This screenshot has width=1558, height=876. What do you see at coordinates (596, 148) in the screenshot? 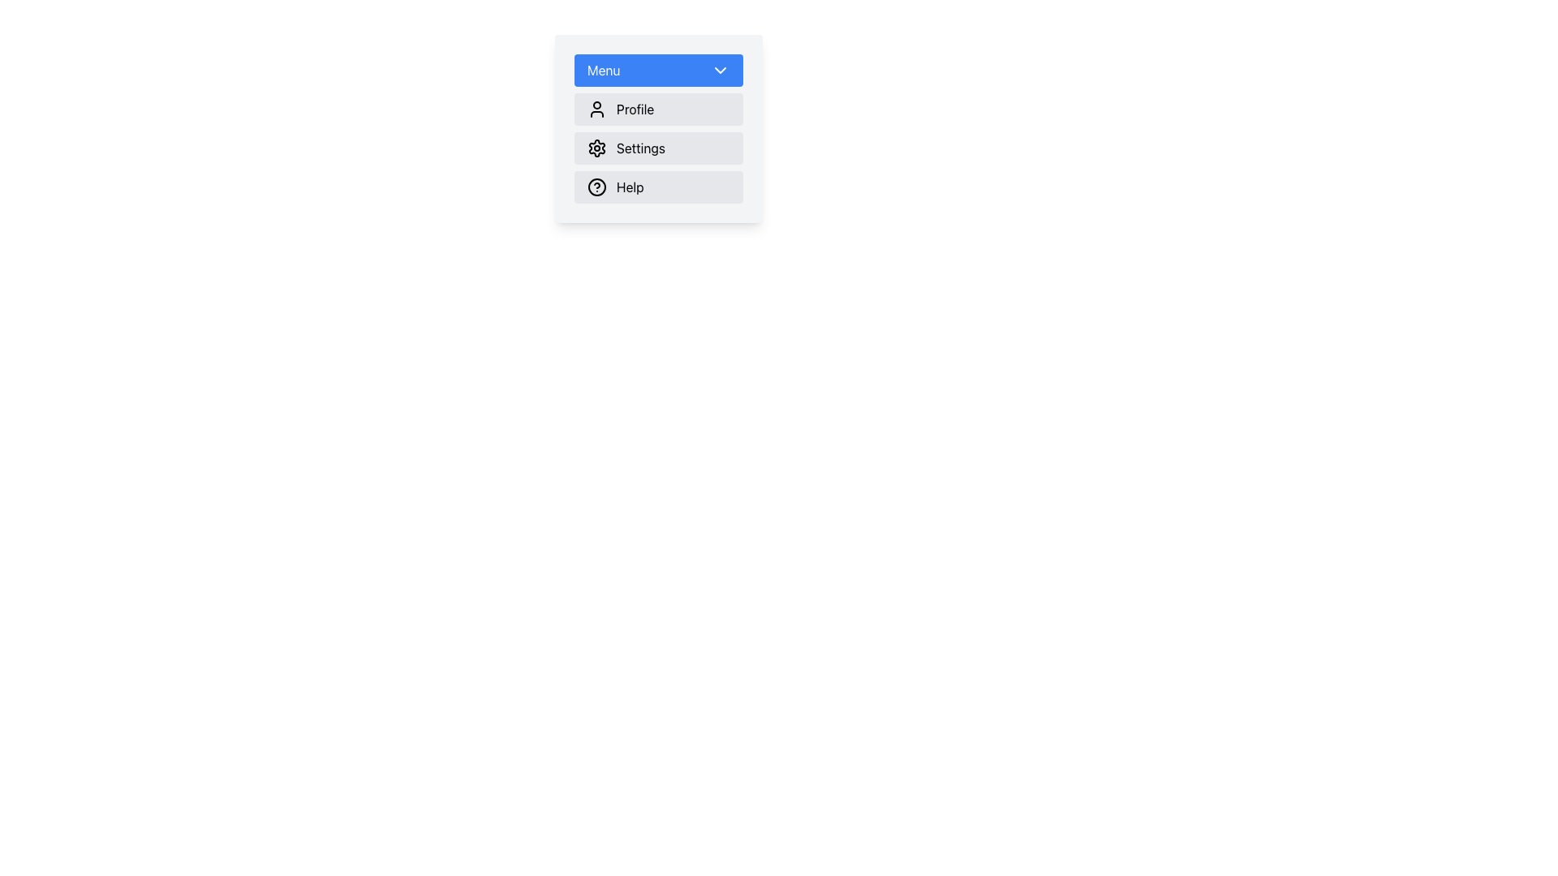
I see `the gear icon located next to the 'Settings' label in the dropdown menu to interact with it` at bounding box center [596, 148].